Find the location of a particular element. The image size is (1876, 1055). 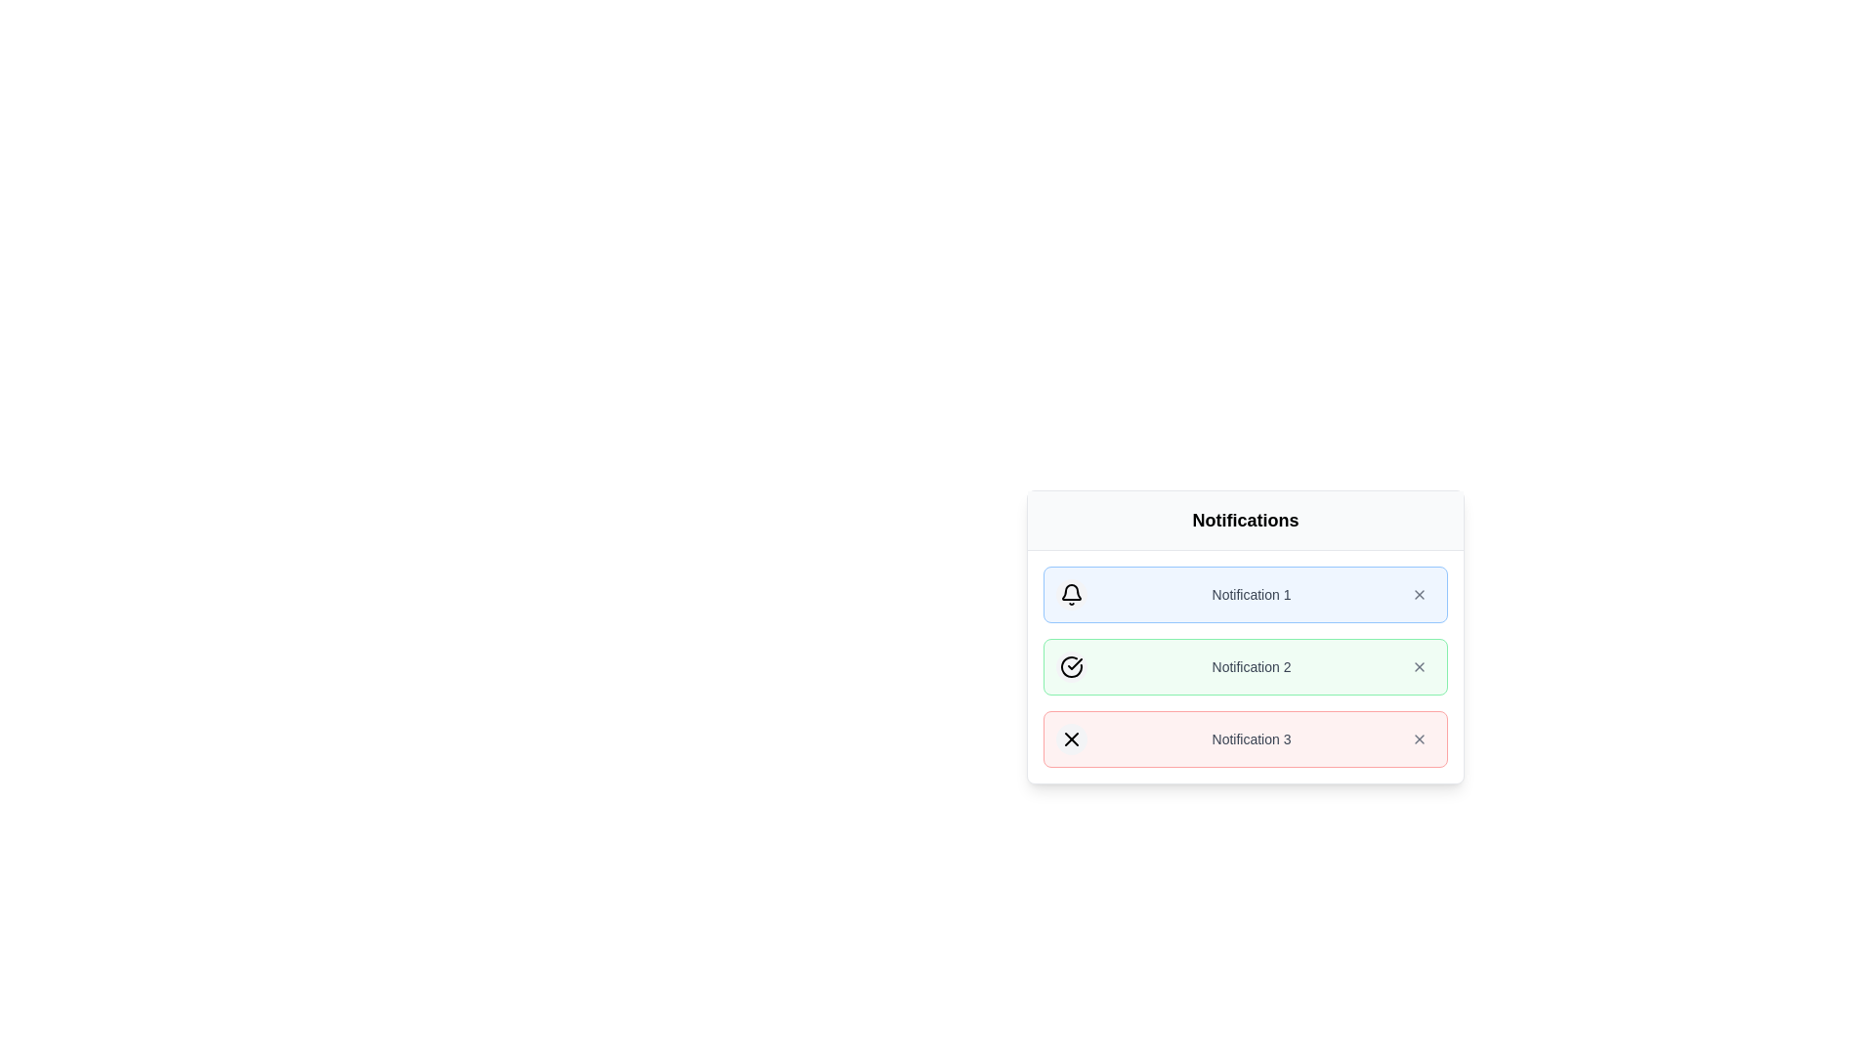

the 'X' mark SVG icon, which is styled with thin strokes and located within a gray circle at the start of the third notification card labeled 'Notification 3' is located at coordinates (1071, 738).